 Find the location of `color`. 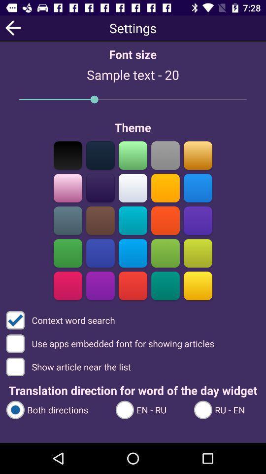

color is located at coordinates (67, 155).